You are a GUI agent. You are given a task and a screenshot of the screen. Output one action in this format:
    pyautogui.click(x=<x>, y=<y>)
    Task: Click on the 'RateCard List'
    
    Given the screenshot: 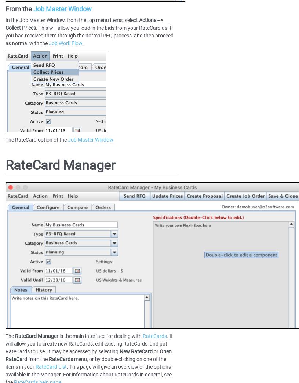 What is the action you would take?
    pyautogui.click(x=51, y=367)
    